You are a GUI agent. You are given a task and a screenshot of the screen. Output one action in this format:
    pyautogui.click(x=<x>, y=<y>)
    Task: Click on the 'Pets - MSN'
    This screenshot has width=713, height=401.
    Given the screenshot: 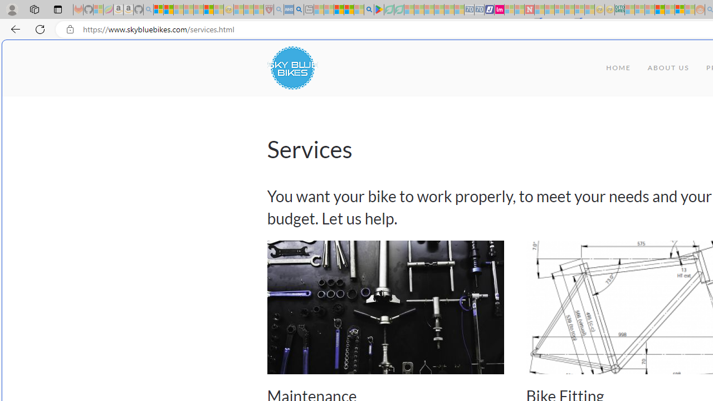 What is the action you would take?
    pyautogui.click(x=348, y=9)
    